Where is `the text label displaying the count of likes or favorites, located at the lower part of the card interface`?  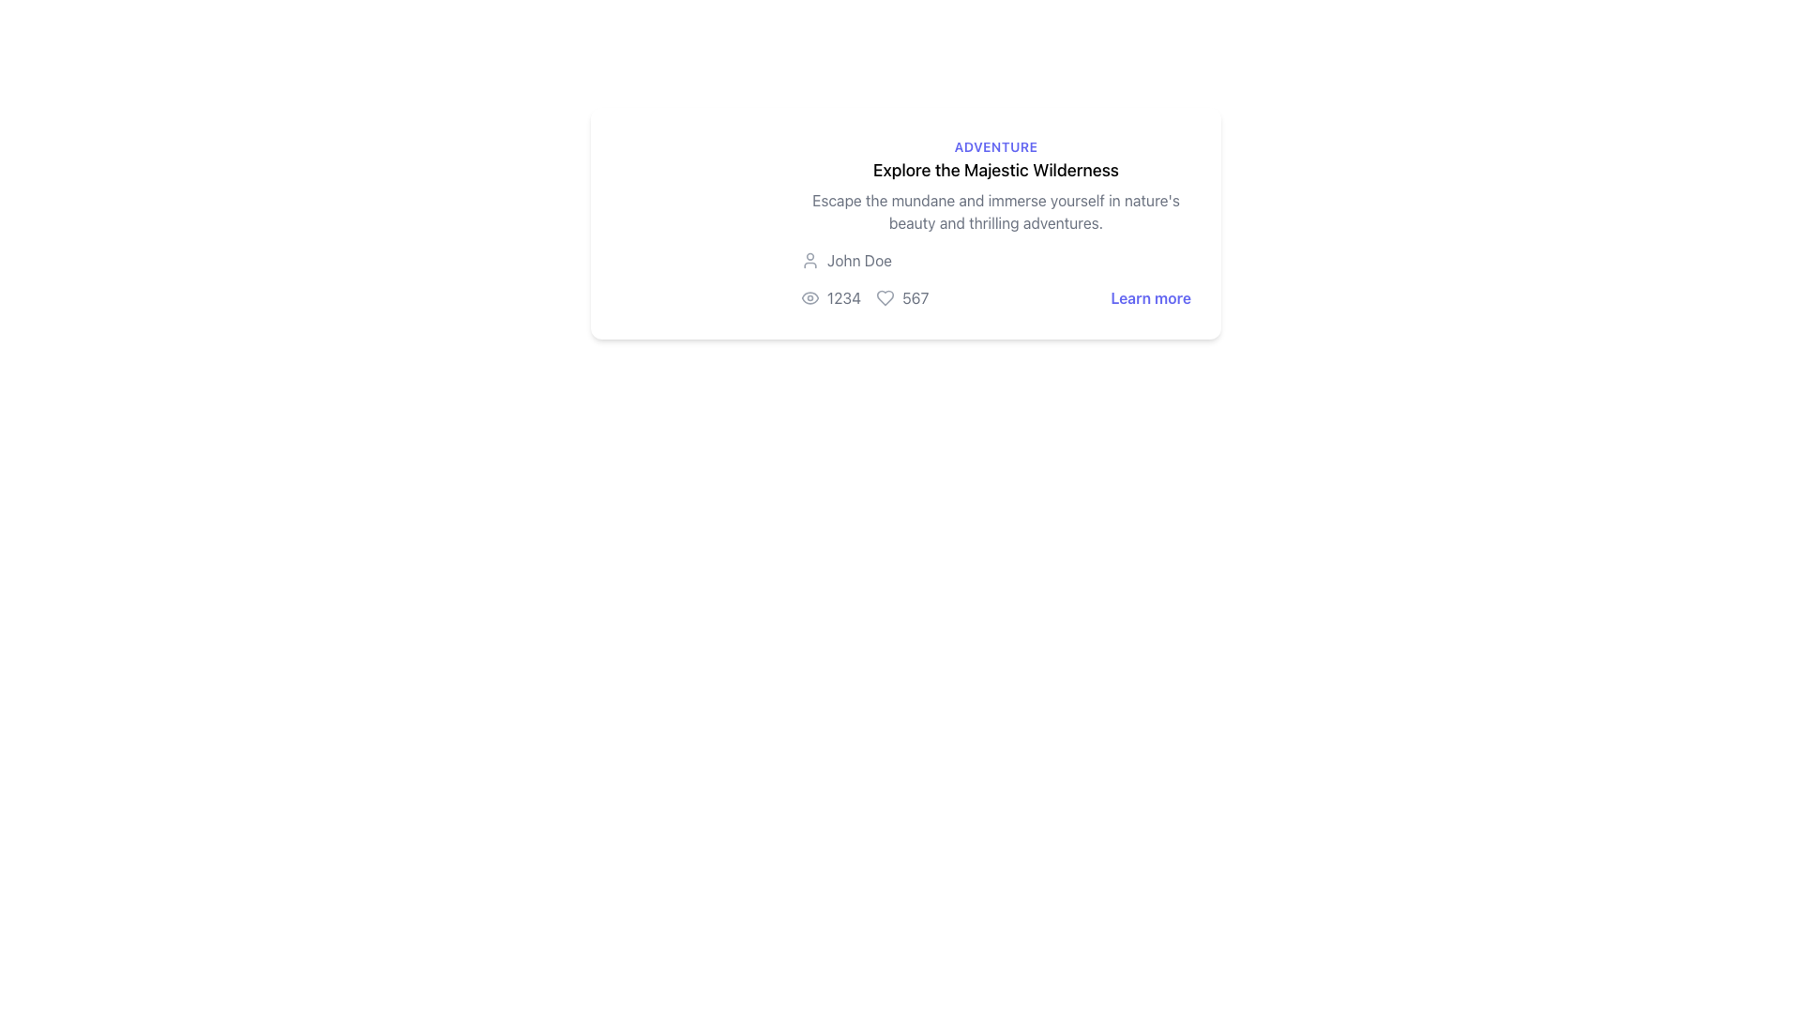 the text label displaying the count of likes or favorites, located at the lower part of the card interface is located at coordinates (902, 296).